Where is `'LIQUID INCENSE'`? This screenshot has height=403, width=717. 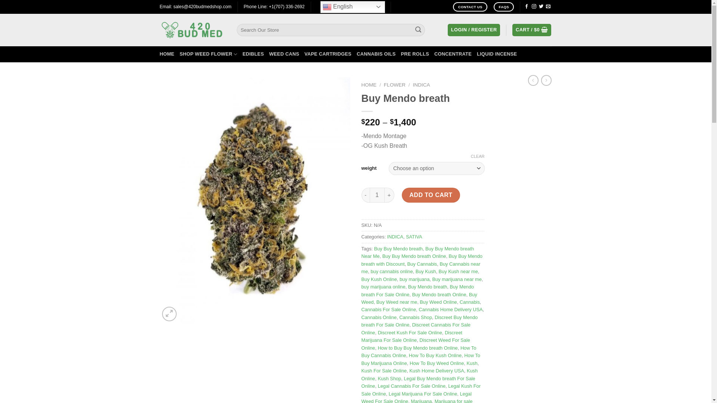 'LIQUID INCENSE' is located at coordinates (497, 54).